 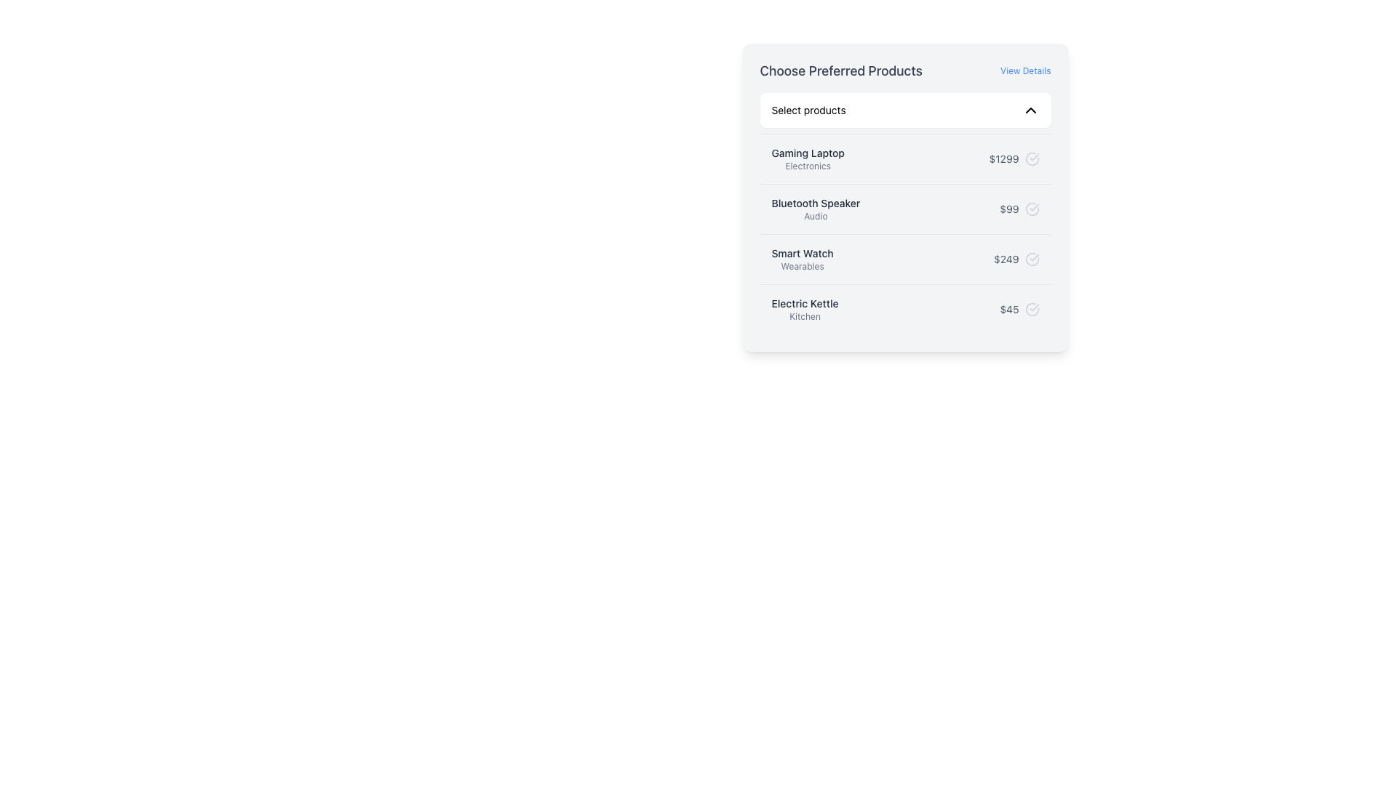 What do you see at coordinates (1031, 209) in the screenshot?
I see `the status indicator icon located to the right of the 'Bluetooth Speaker' label and next to the price '$99' to interact with it` at bounding box center [1031, 209].